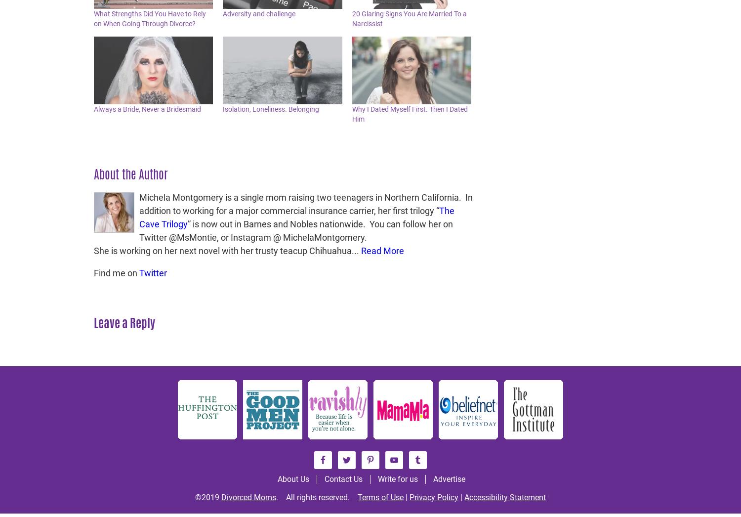  I want to click on 'About the Author', so click(131, 174).